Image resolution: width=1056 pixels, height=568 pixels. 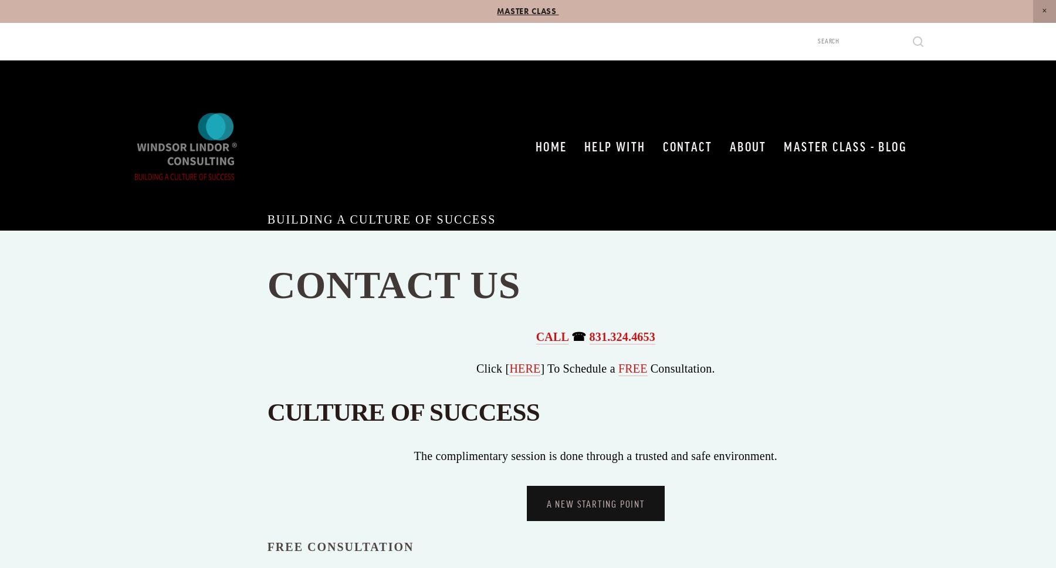 I want to click on '831.324.4653', so click(x=622, y=337).